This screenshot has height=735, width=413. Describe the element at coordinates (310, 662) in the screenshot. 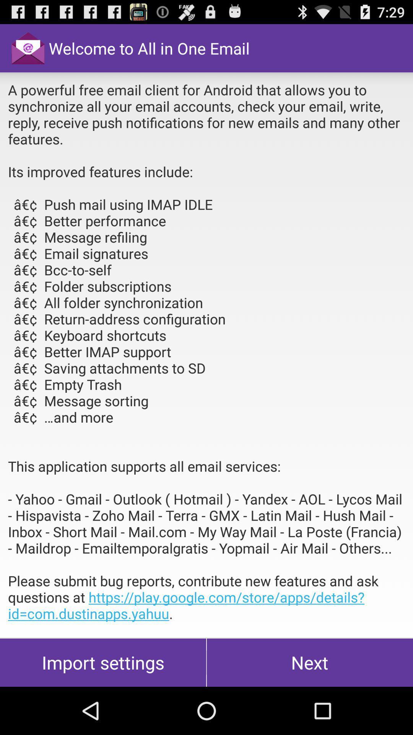

I see `the icon to the right of the import settings` at that location.